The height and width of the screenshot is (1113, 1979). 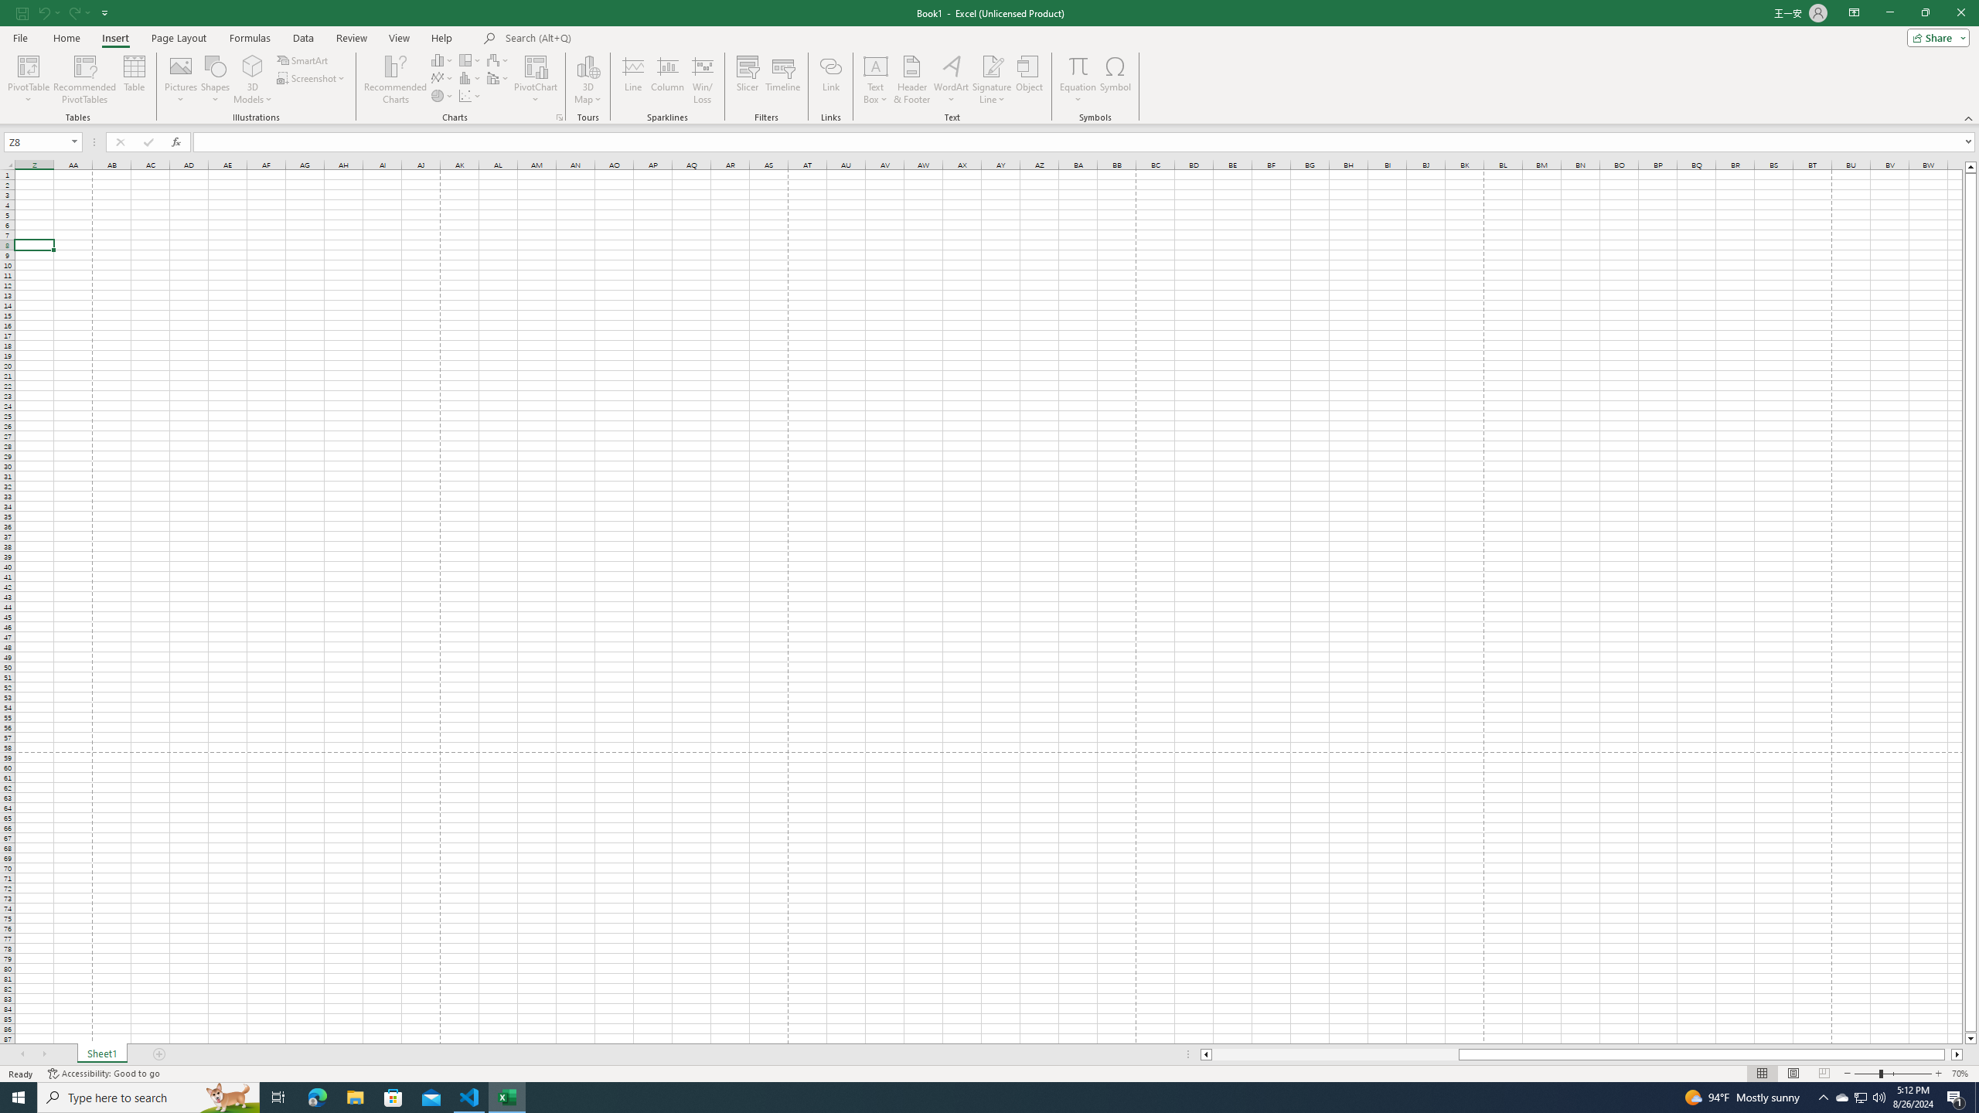 What do you see at coordinates (911, 80) in the screenshot?
I see `'Header & Footer...'` at bounding box center [911, 80].